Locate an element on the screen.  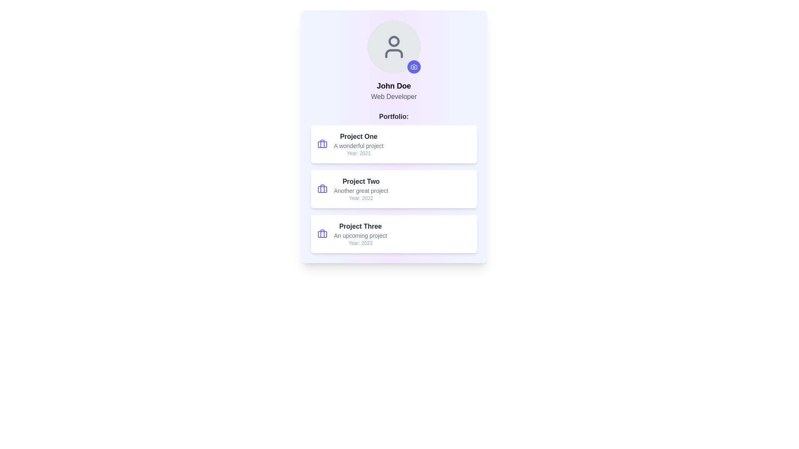
the Text content block displaying the project heading, description, and year in the third card of the vertically-aligned portfolio project list is located at coordinates (360, 234).